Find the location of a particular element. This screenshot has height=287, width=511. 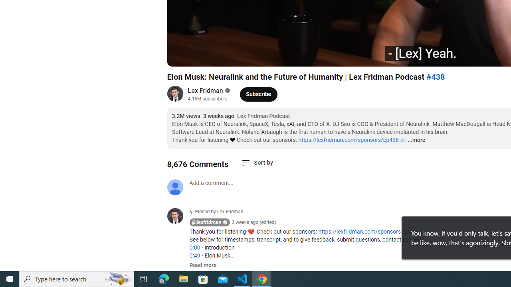

'AutomationID: simplebox-placeholder' is located at coordinates (211, 183).